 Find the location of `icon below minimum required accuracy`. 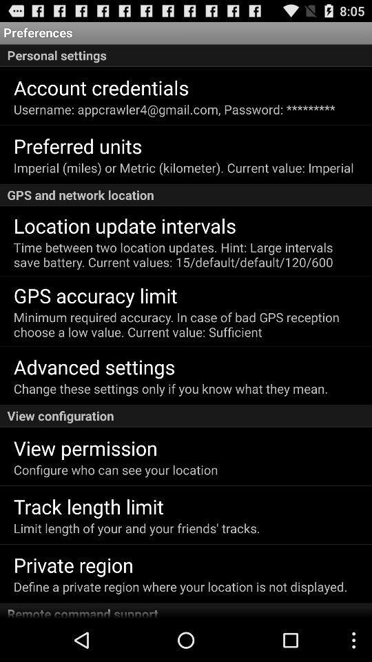

icon below minimum required accuracy is located at coordinates (94, 365).